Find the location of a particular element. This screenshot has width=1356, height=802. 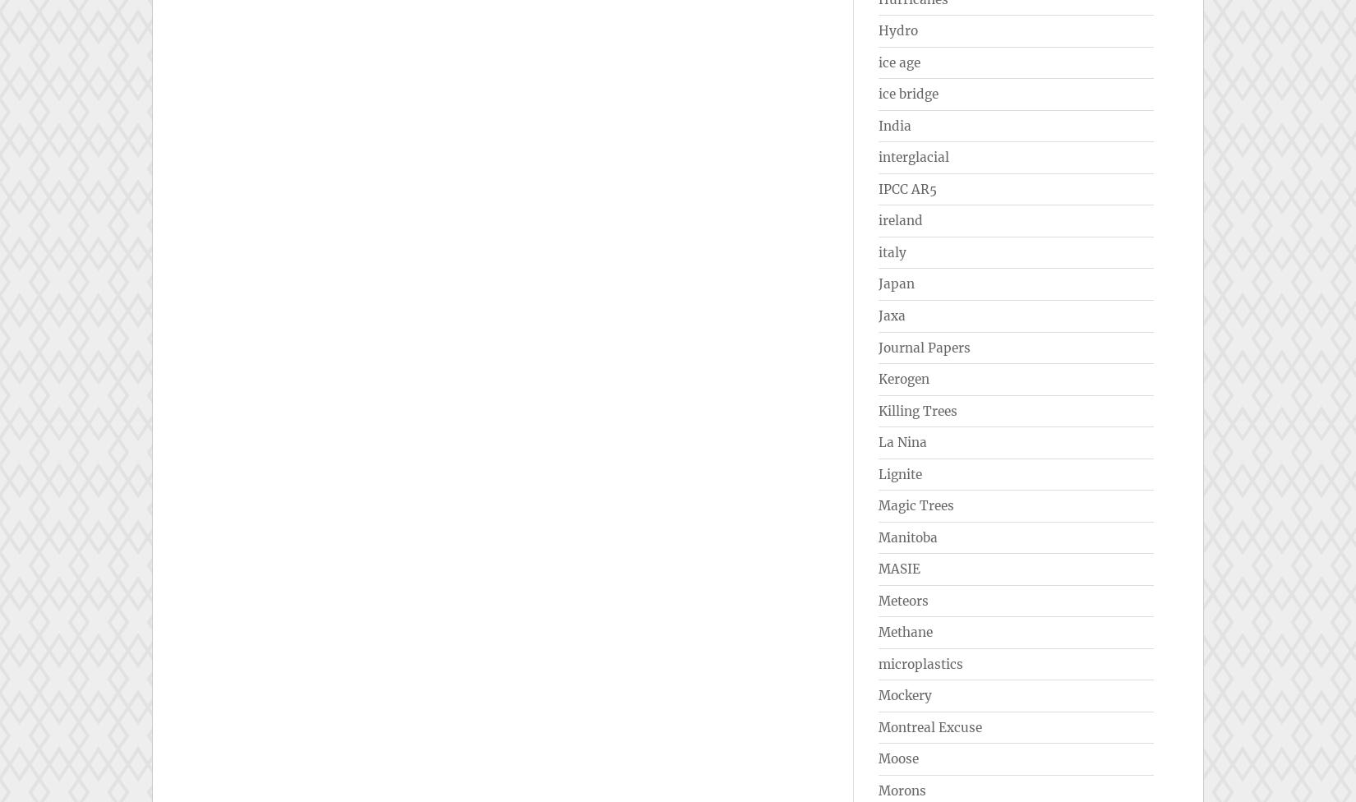

'Journal Papers' is located at coordinates (879, 346).